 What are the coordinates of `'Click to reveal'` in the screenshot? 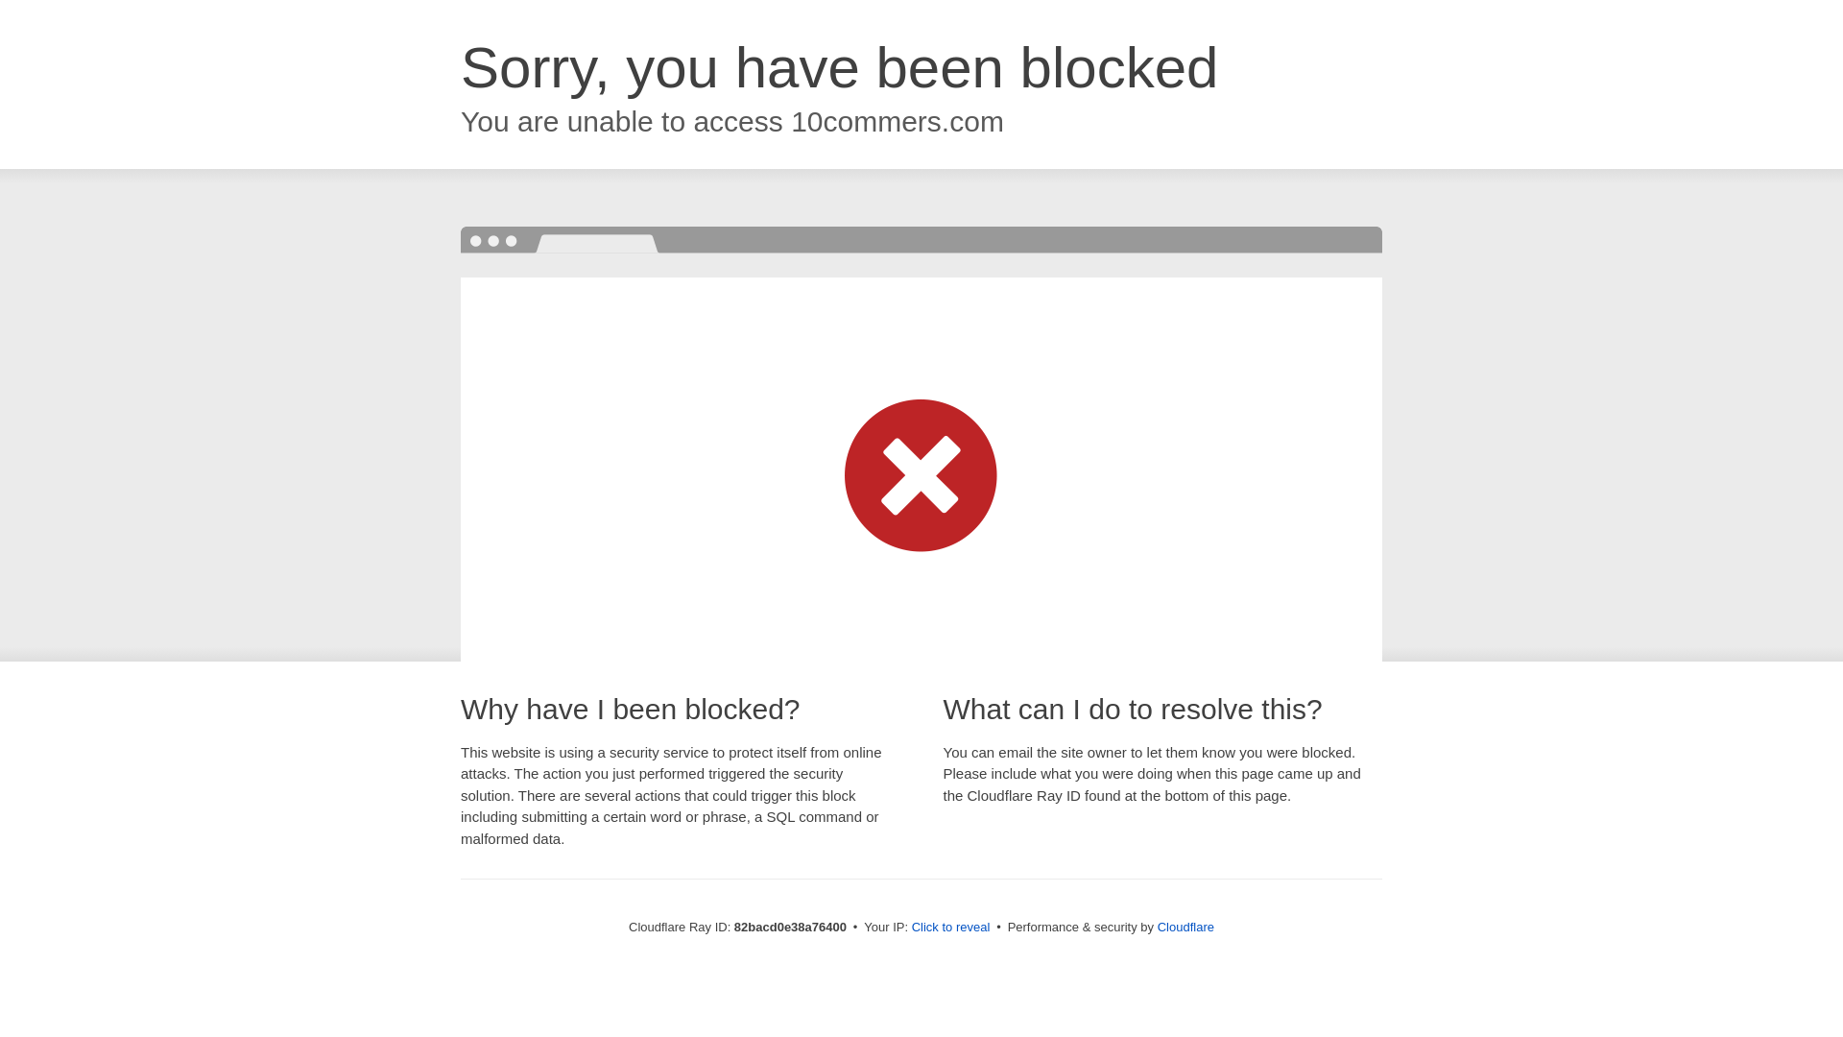 It's located at (950, 926).